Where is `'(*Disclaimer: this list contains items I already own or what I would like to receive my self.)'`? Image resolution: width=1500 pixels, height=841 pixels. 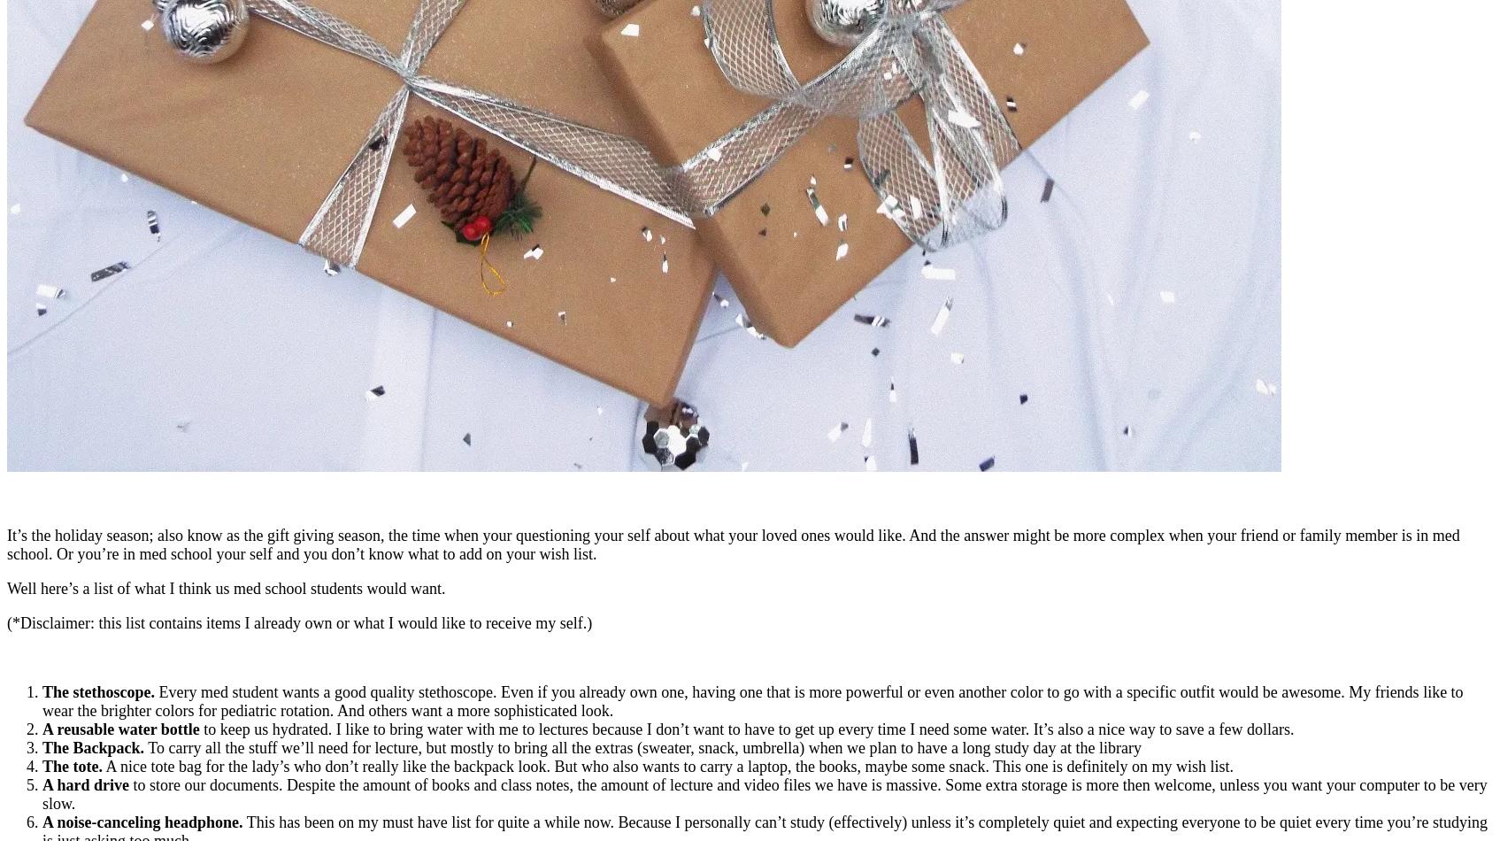
'(*Disclaimer: this list contains items I already own or what I would like to receive my self.)' is located at coordinates (298, 622).